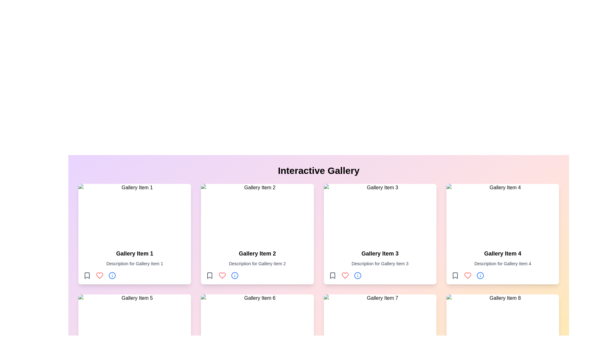  I want to click on the image on the first card in the gallery located at the top-left corner, so click(134, 234).